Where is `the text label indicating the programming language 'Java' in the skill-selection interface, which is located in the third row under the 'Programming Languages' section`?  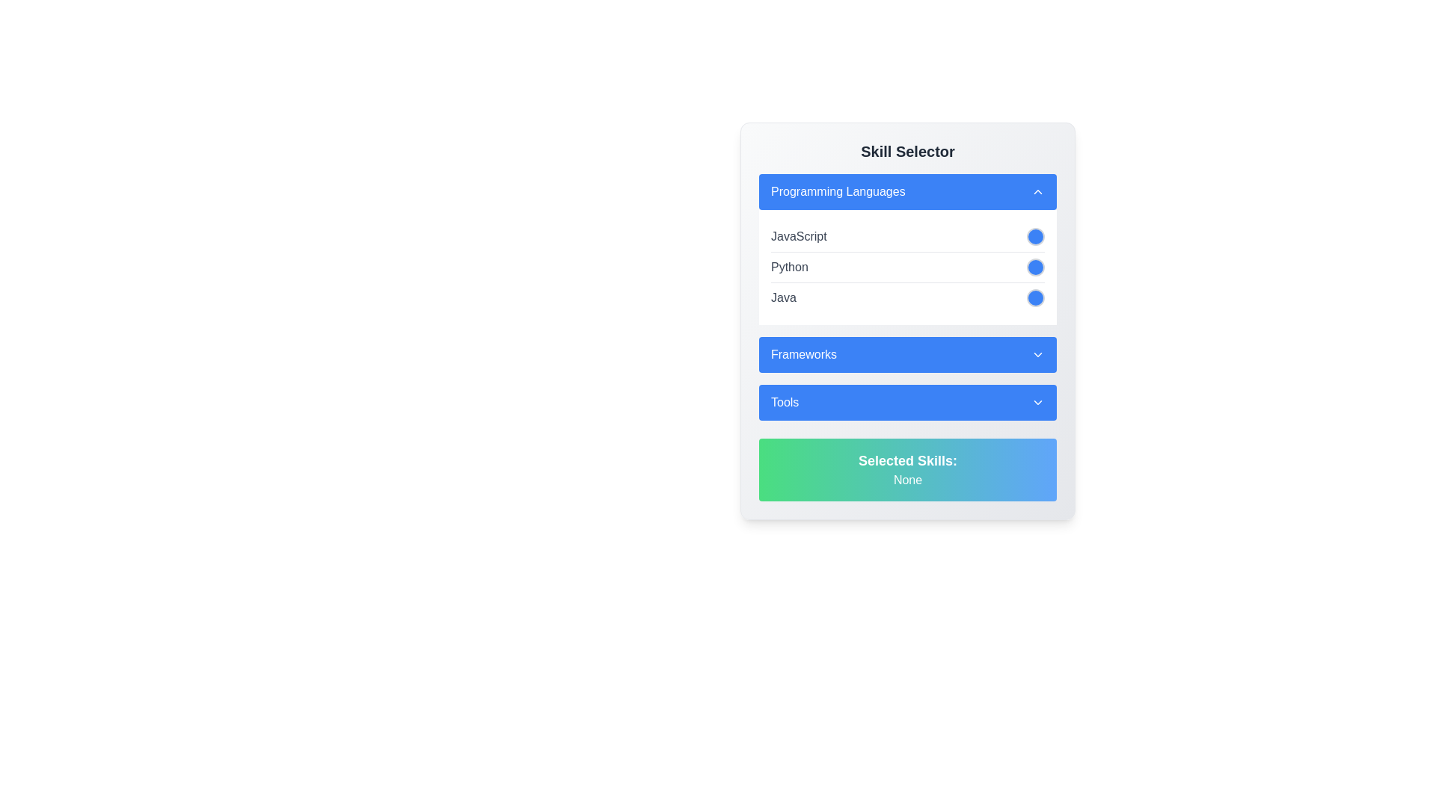 the text label indicating the programming language 'Java' in the skill-selection interface, which is located in the third row under the 'Programming Languages' section is located at coordinates (782, 297).